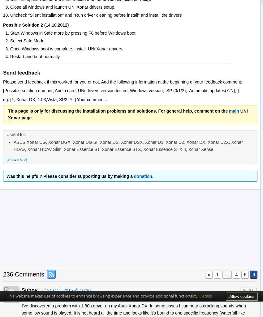 This screenshot has width=263, height=317. Describe the element at coordinates (118, 110) in the screenshot. I see `'This page is only for discussing the installation problems and solutions. For general help, comment on the'` at that location.